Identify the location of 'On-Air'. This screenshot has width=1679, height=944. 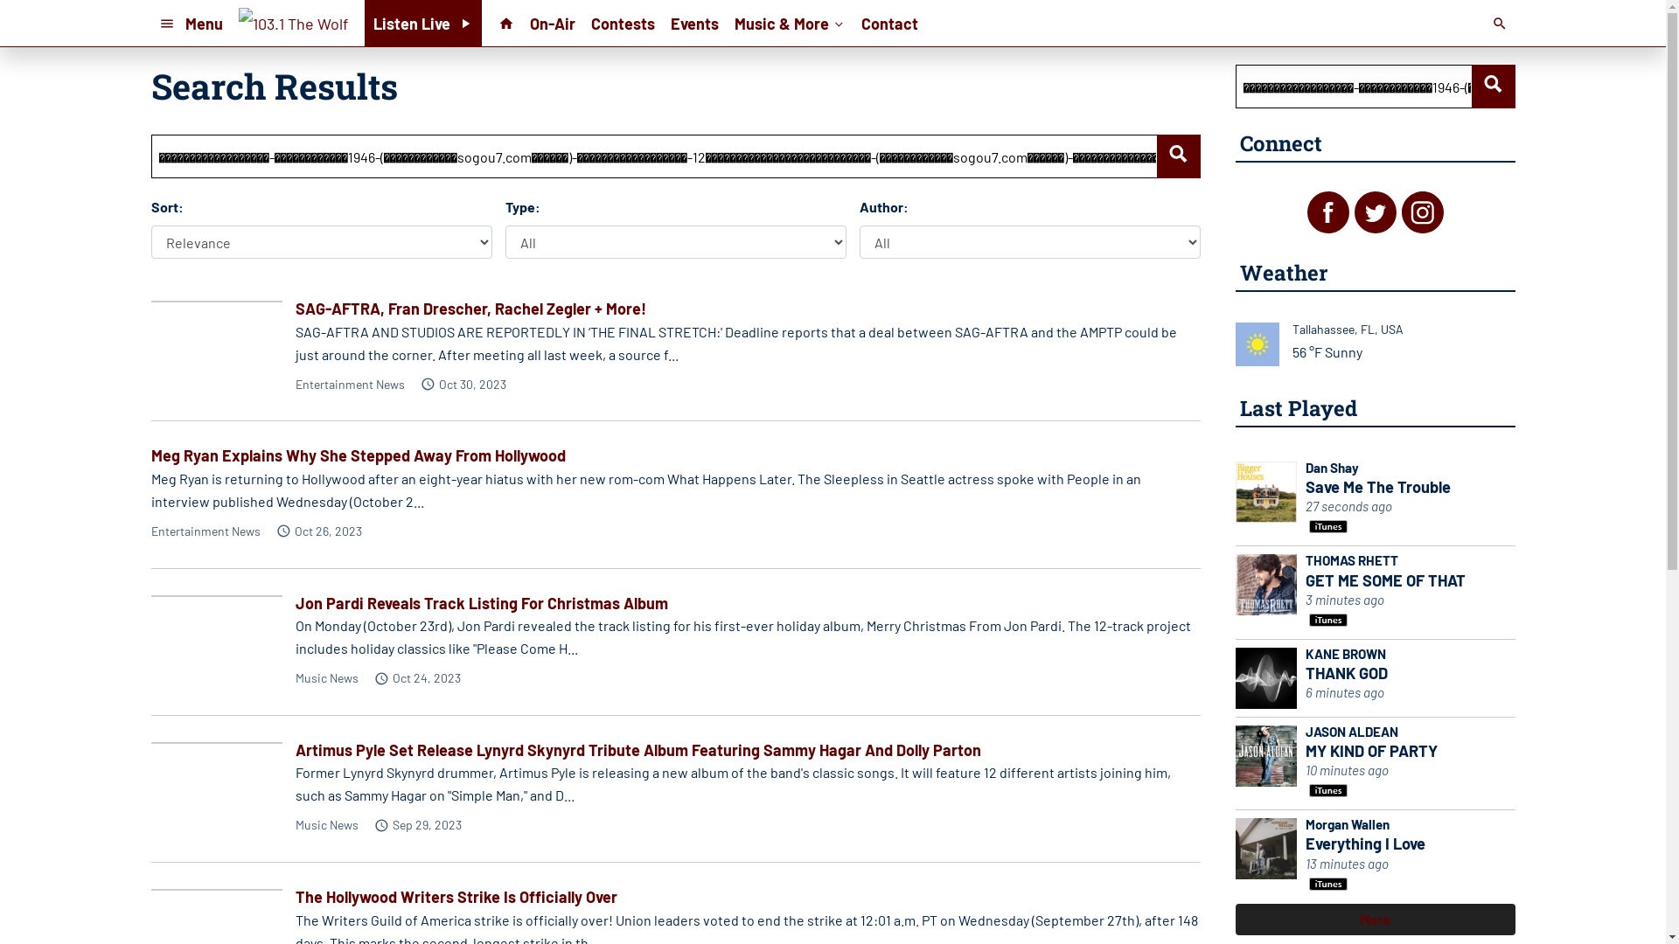
(552, 23).